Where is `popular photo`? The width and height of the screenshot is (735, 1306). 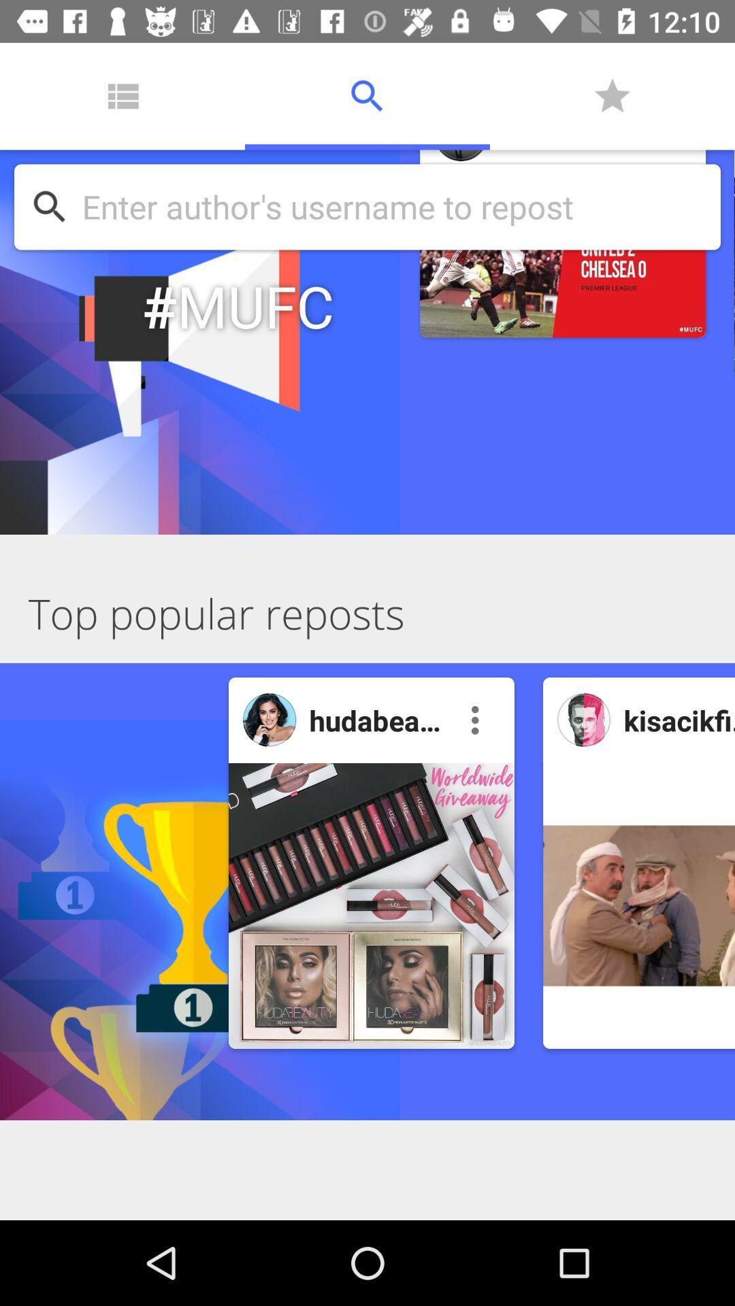
popular photo is located at coordinates (583, 719).